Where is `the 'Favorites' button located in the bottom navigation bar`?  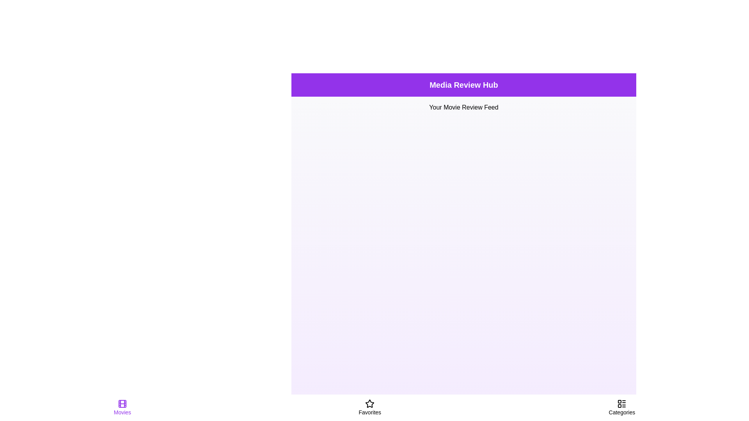
the 'Favorites' button located in the bottom navigation bar is located at coordinates (369, 407).